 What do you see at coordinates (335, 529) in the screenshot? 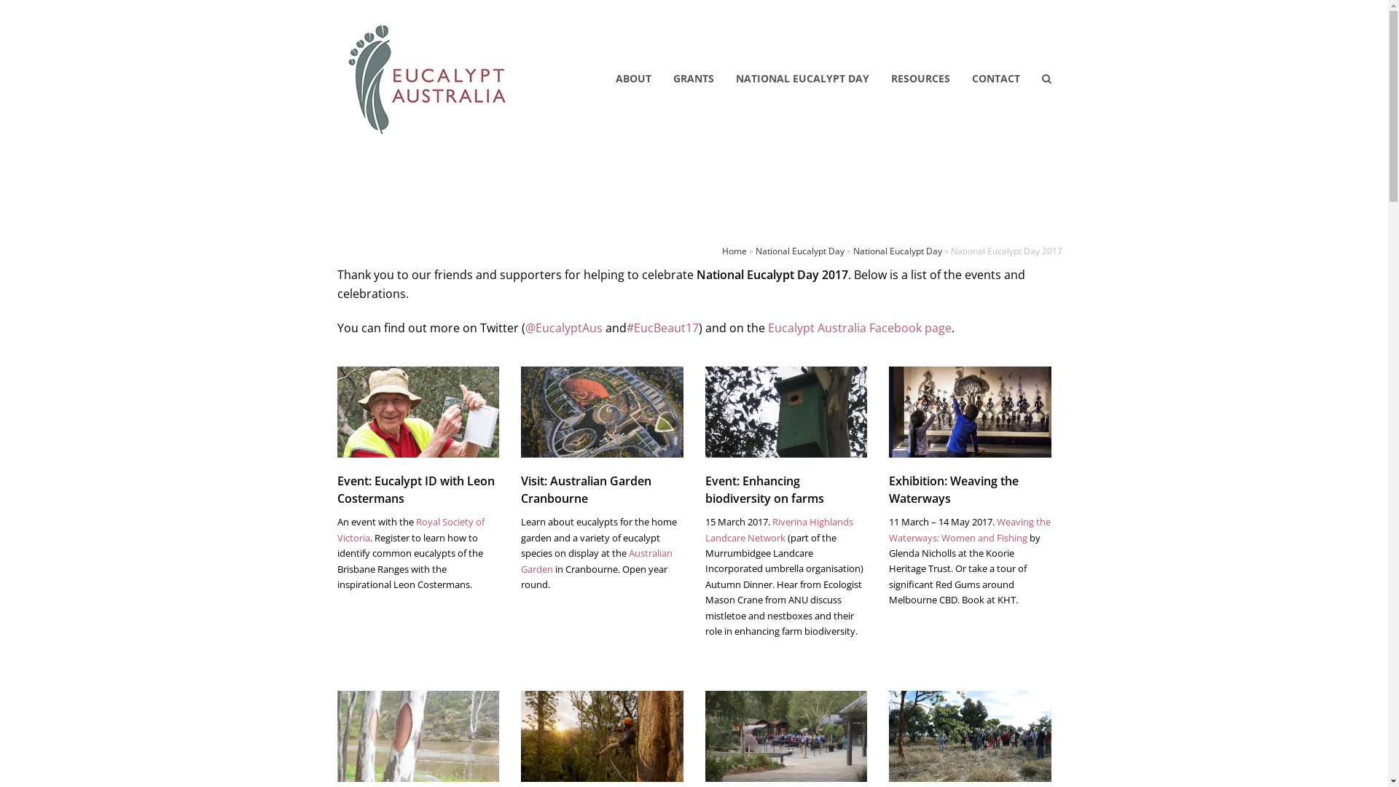
I see `'Royal Society of Victoria'` at bounding box center [335, 529].